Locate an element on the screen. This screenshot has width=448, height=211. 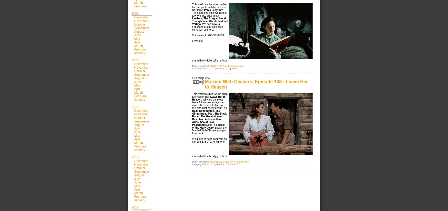
'The Burglar' is located at coordinates (203, 18).